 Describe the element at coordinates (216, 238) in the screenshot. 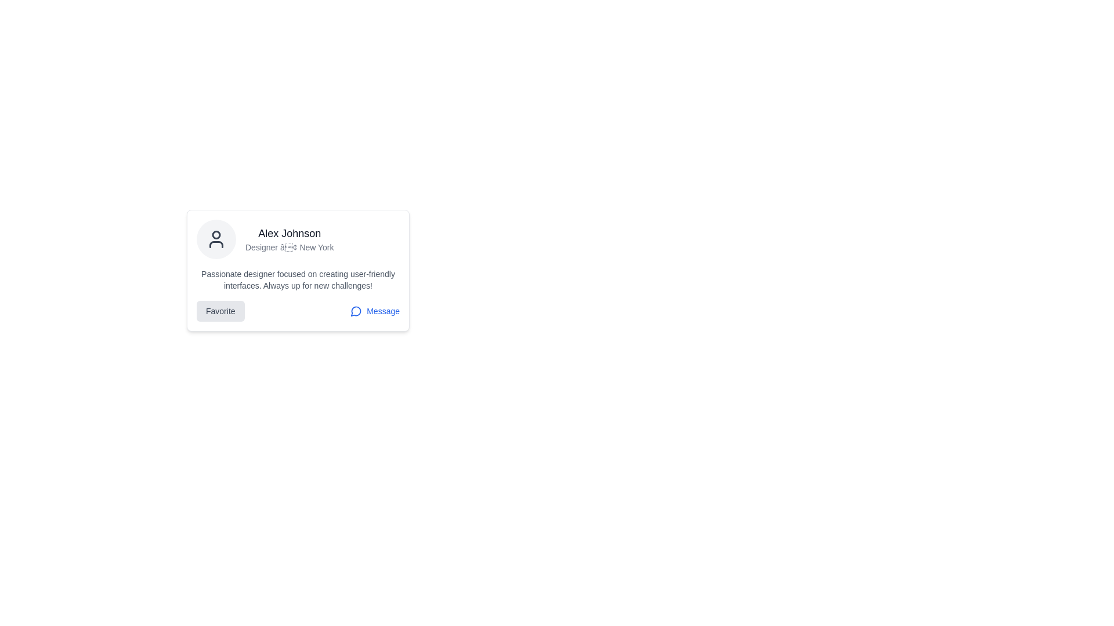

I see `the user profile icon, which serves as an avatar for the associated user in the profile card, positioned to the left of the user's name and title` at that location.